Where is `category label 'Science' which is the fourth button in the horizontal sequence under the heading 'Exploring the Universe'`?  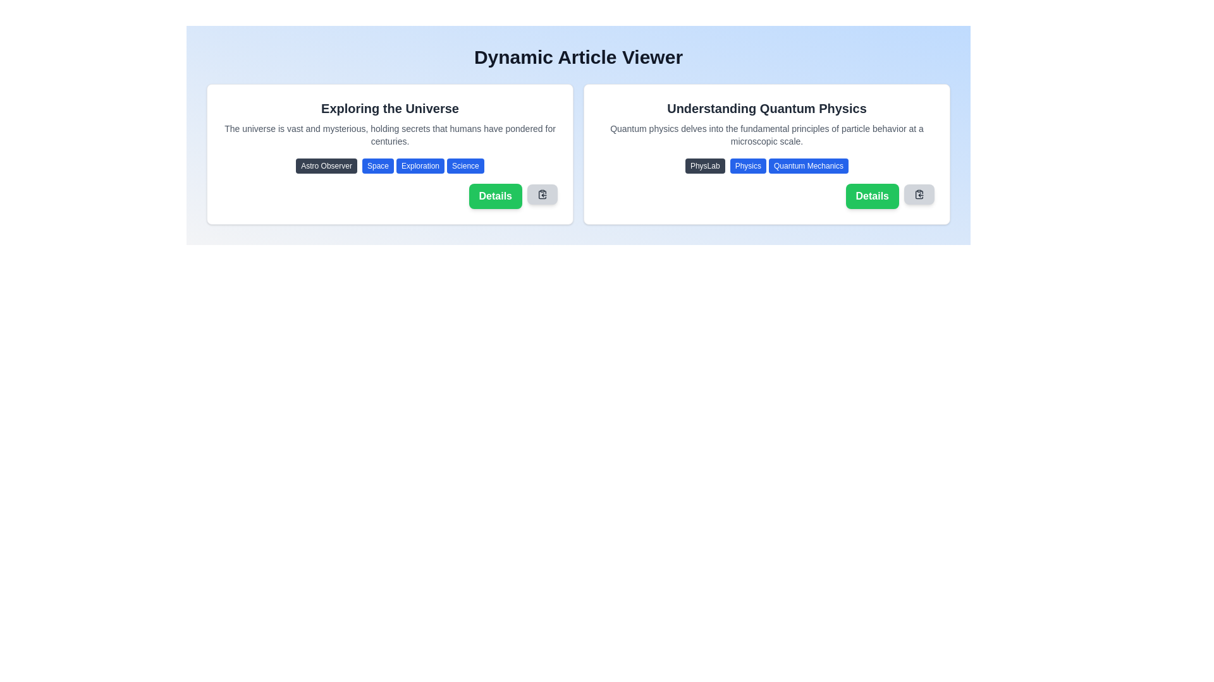 category label 'Science' which is the fourth button in the horizontal sequence under the heading 'Exploring the Universe' is located at coordinates (464, 165).